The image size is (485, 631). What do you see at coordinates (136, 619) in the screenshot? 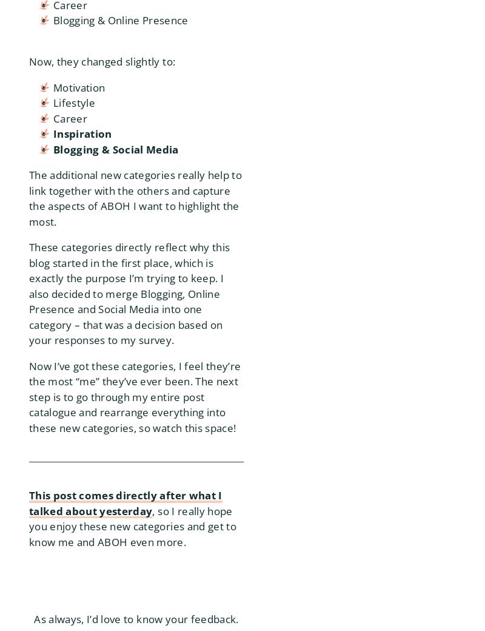
I see `'As always, I’d love to know your feedback.'` at bounding box center [136, 619].